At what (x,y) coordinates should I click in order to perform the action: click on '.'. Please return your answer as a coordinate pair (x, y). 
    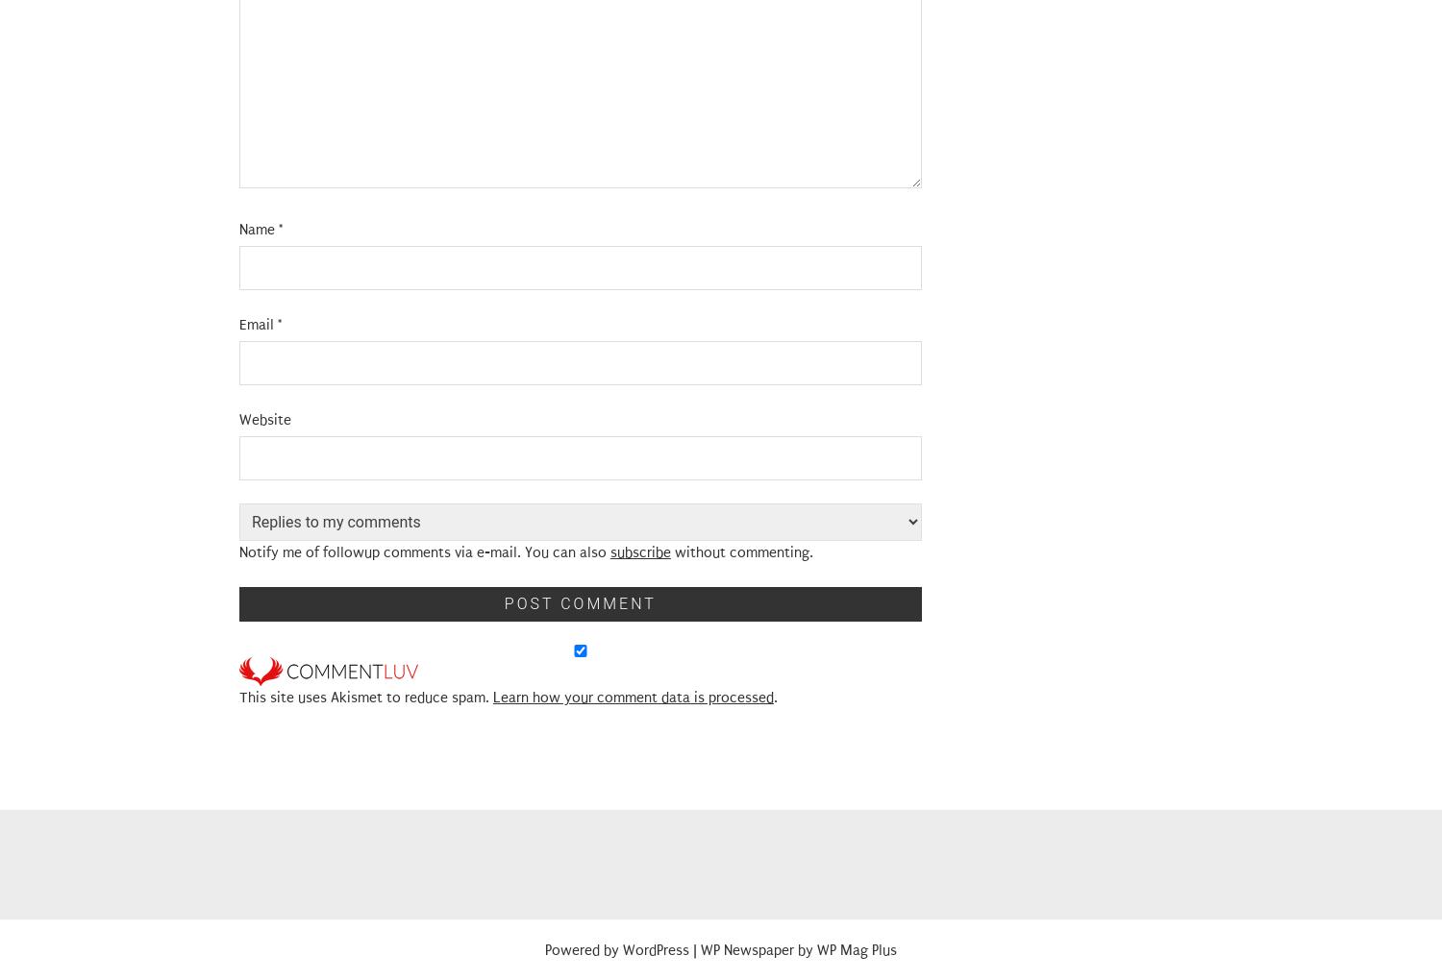
    Looking at the image, I should click on (773, 698).